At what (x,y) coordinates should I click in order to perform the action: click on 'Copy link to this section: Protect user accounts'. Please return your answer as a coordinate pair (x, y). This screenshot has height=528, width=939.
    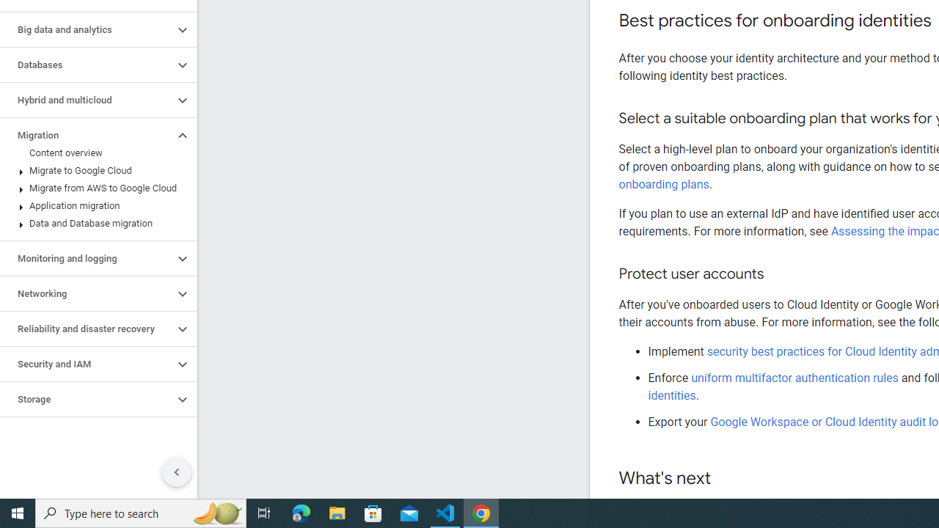
    Looking at the image, I should click on (778, 274).